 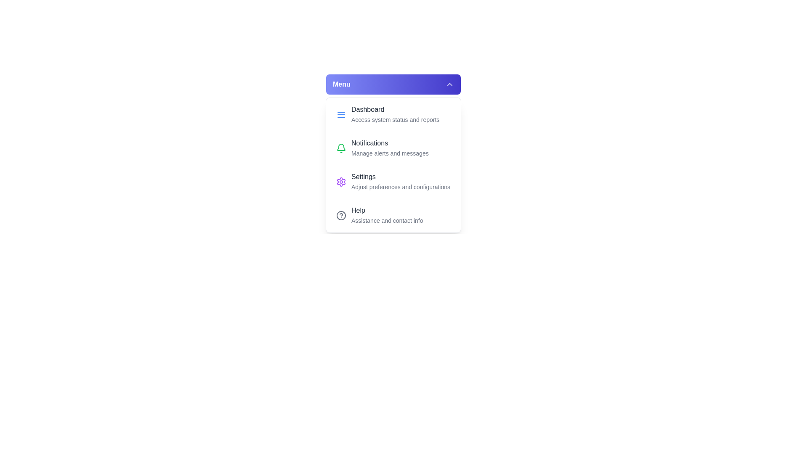 I want to click on the text label styled in a small gray font containing 'Assistance and contact info', located directly below the 'Help' title in the vertical navigation menu, so click(x=387, y=220).